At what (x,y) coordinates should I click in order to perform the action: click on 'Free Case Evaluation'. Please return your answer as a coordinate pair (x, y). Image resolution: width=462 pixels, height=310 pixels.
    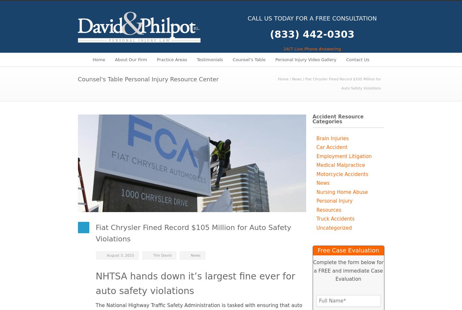
    Looking at the image, I should click on (348, 250).